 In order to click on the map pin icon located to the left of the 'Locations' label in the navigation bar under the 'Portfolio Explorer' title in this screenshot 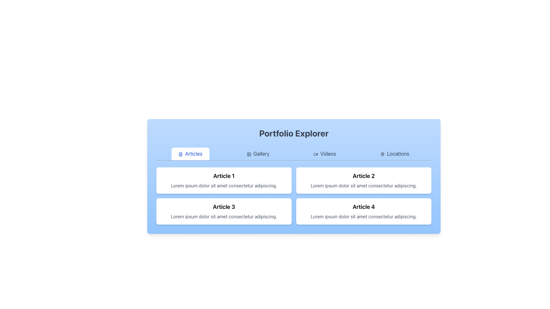, I will do `click(382, 154)`.